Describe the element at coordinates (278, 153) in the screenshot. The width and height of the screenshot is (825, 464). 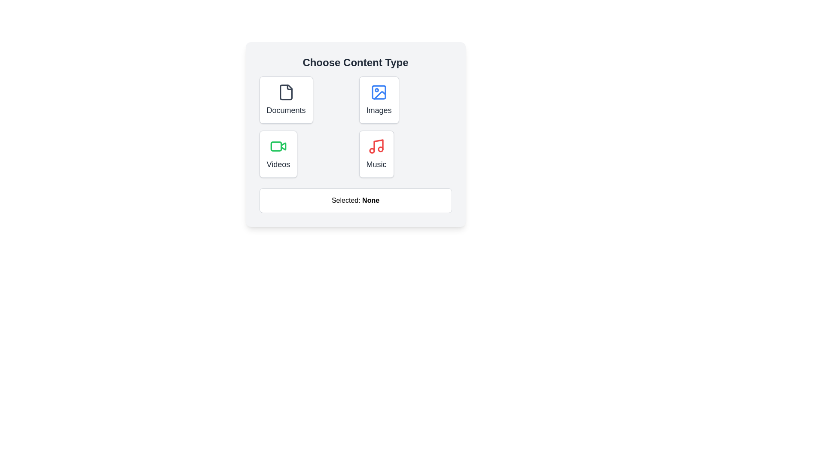
I see `the content type Videos to update the 'Selected' area` at that location.